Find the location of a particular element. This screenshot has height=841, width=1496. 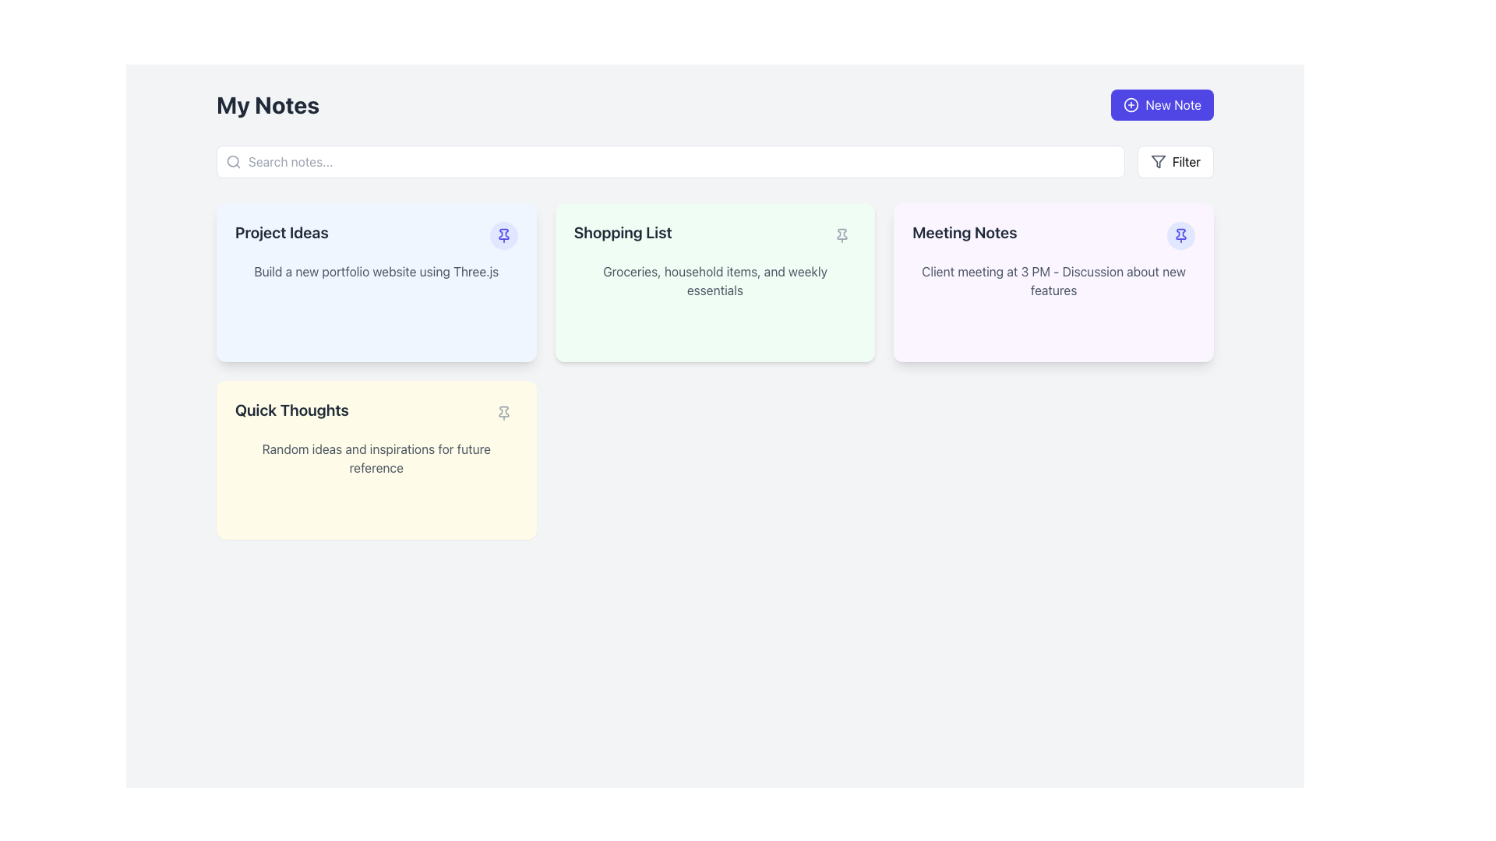

the button located in the bottom-right corner of the 'Project Ideas' card to initiate an edit action is located at coordinates (473, 312).